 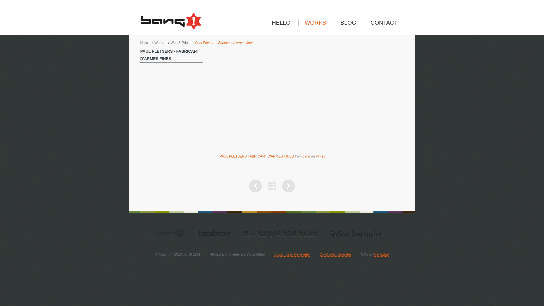 I want to click on 'bang', so click(x=302, y=156).